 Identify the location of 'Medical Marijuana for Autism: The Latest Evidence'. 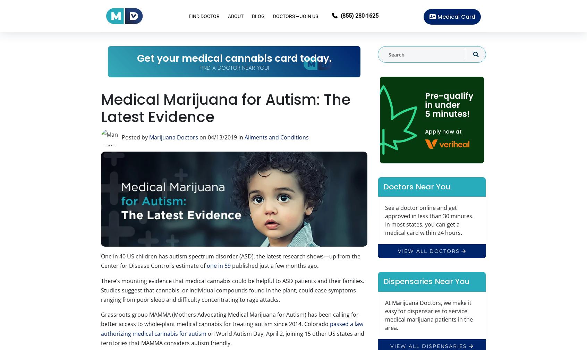
(226, 108).